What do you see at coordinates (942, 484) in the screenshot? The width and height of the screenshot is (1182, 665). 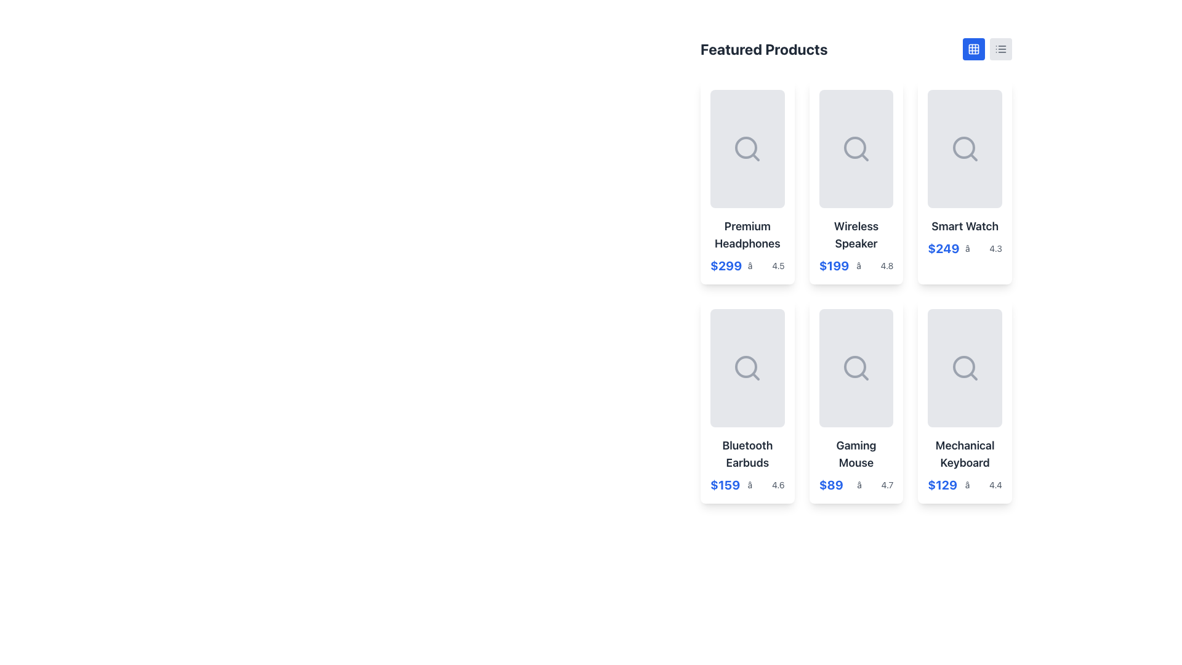 I see `text content of the Text Label displaying '$129' in bold blue font located at the bottom section of the 'Mechanical Keyboard' card in the product grid` at bounding box center [942, 484].